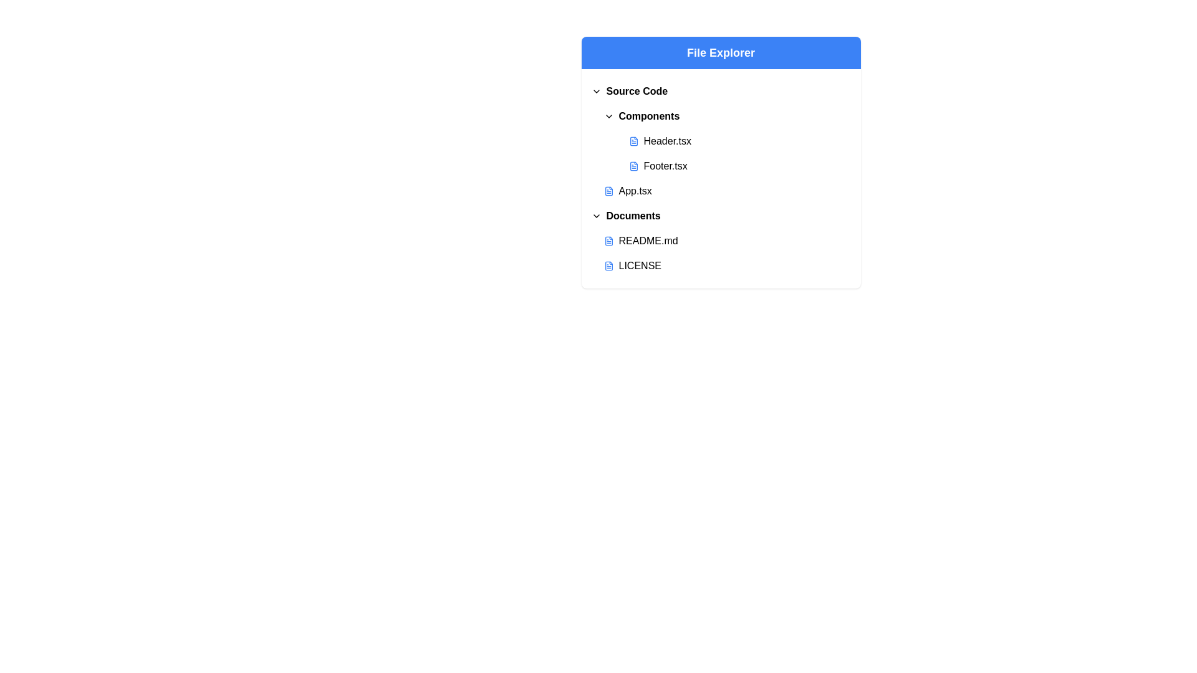 Image resolution: width=1197 pixels, height=673 pixels. I want to click on the interactive SVG icon toggle indicator located to the left of the 'Components' label text, so click(608, 116).